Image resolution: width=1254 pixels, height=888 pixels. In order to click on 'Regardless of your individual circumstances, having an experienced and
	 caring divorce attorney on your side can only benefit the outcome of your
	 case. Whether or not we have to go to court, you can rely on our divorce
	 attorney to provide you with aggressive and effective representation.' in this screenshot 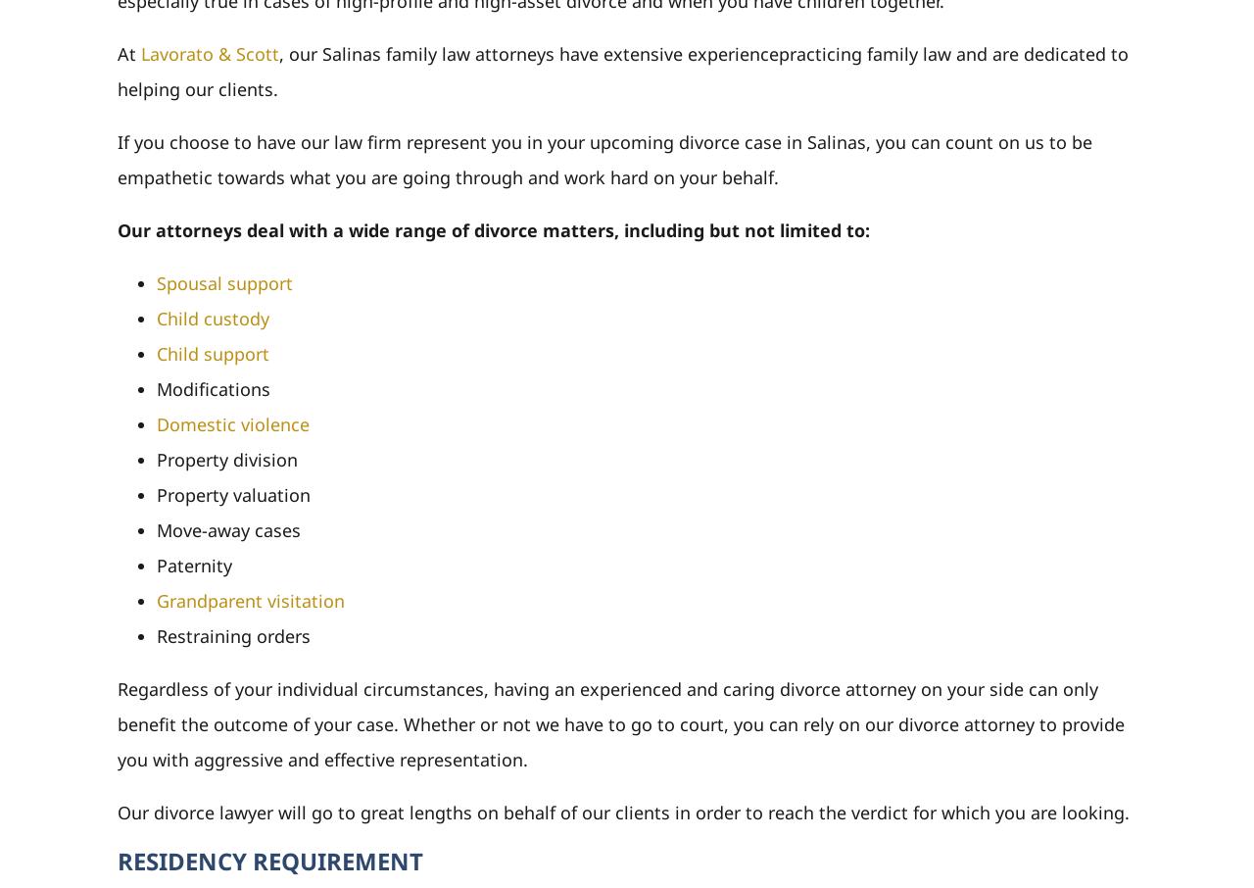, I will do `click(619, 722)`.